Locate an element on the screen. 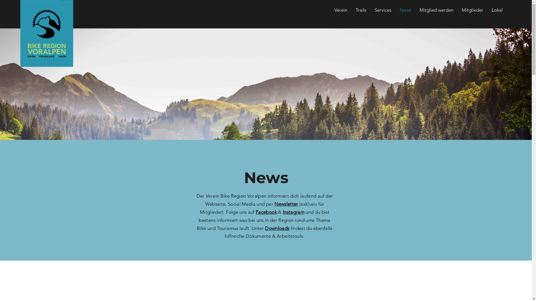  'Verein' is located at coordinates (330, 14).